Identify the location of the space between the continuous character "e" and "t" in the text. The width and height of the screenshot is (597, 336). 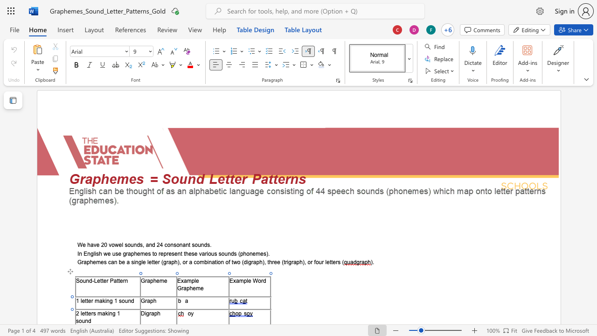
(84, 313).